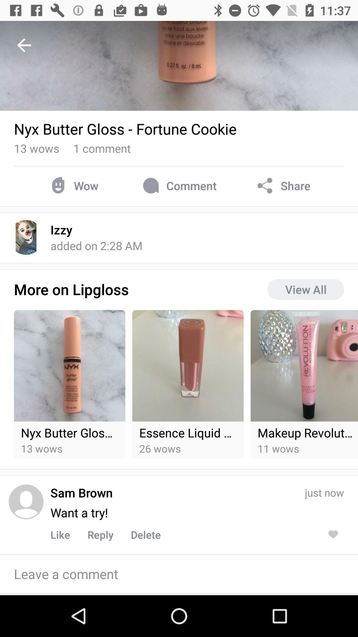 This screenshot has height=637, width=358. What do you see at coordinates (179, 574) in the screenshot?
I see `comment` at bounding box center [179, 574].